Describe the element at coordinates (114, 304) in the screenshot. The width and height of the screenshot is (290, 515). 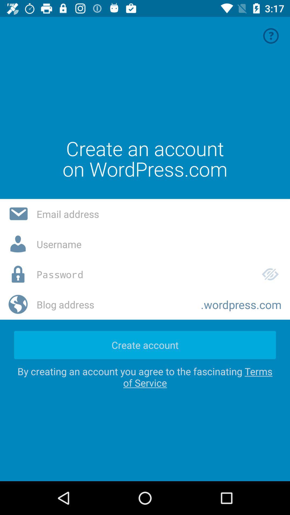
I see `item next to .wordpress.com` at that location.